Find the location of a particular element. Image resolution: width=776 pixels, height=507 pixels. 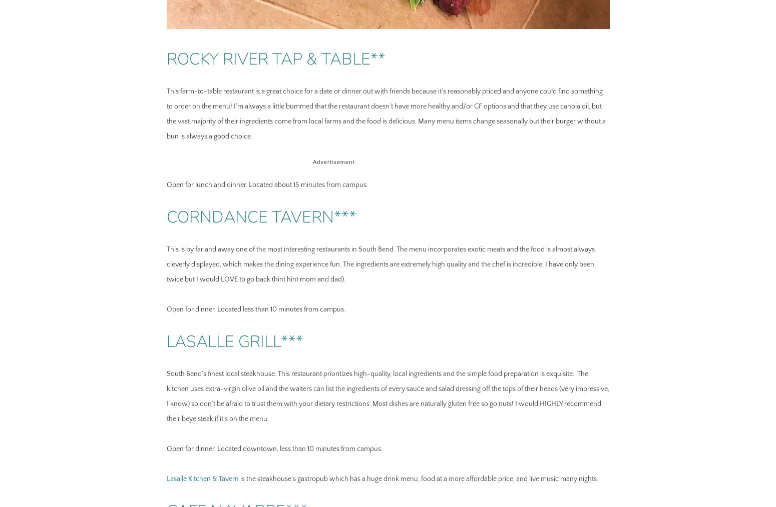

'This farm-to-table restaurant is a great choice for a date or dinner out with friends because it’s reasonably priced and anyone could find something to order on the menu! I’m always a little bummed that the restaurant doesn’t have more healthy and/or GF options and that they use canola oil, but the vast majority of their ingredients come from local farms and the food is delicious. Many menu items change seasonally but their burger without a bun is always a good choice.' is located at coordinates (166, 113).